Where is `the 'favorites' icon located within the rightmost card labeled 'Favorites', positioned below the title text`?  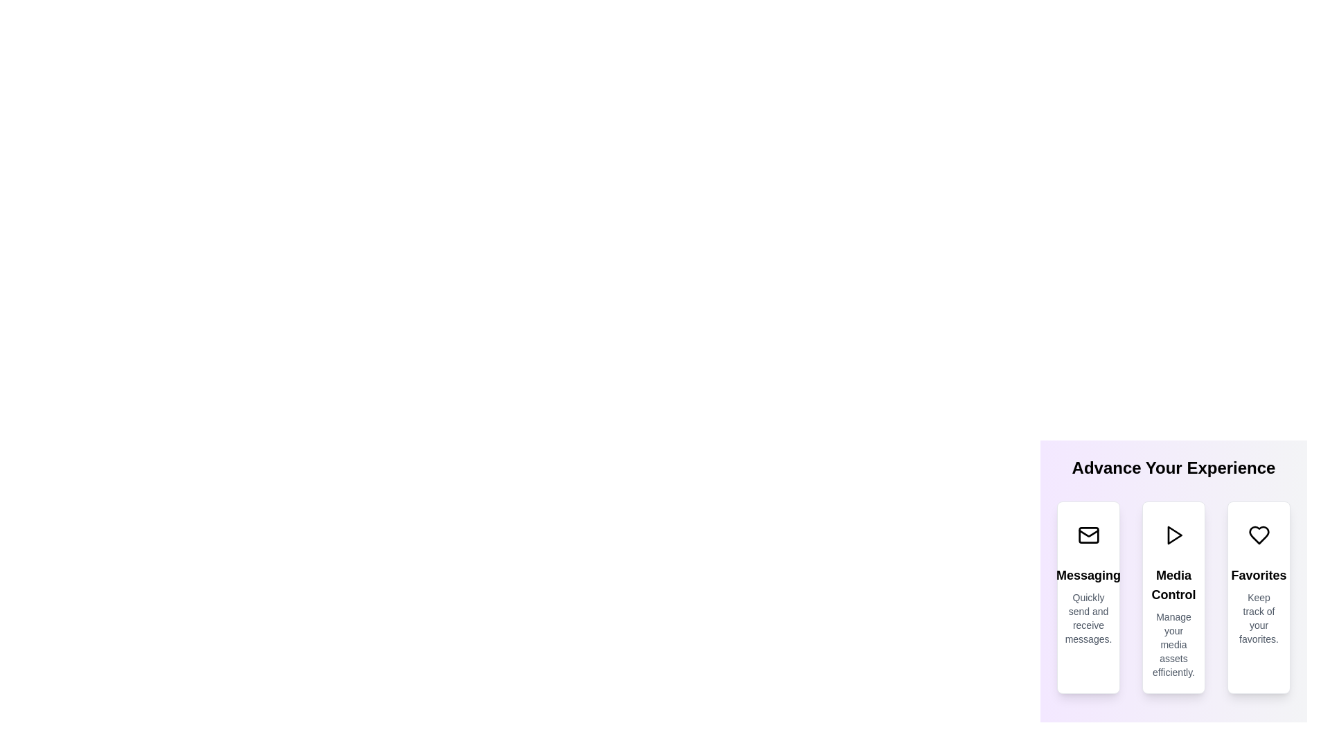 the 'favorites' icon located within the rightmost card labeled 'Favorites', positioned below the title text is located at coordinates (1259, 534).